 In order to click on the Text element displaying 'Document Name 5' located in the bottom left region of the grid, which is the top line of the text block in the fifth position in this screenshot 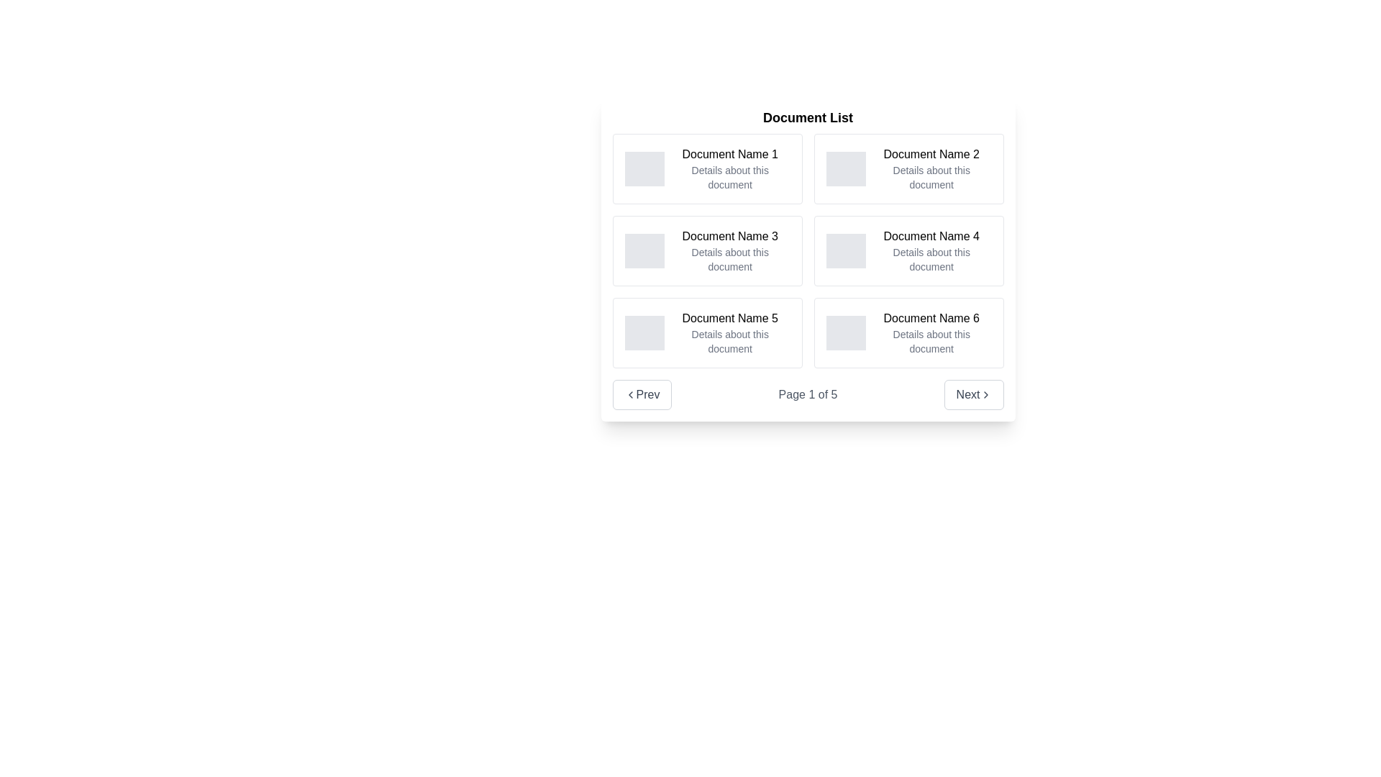, I will do `click(730, 318)`.